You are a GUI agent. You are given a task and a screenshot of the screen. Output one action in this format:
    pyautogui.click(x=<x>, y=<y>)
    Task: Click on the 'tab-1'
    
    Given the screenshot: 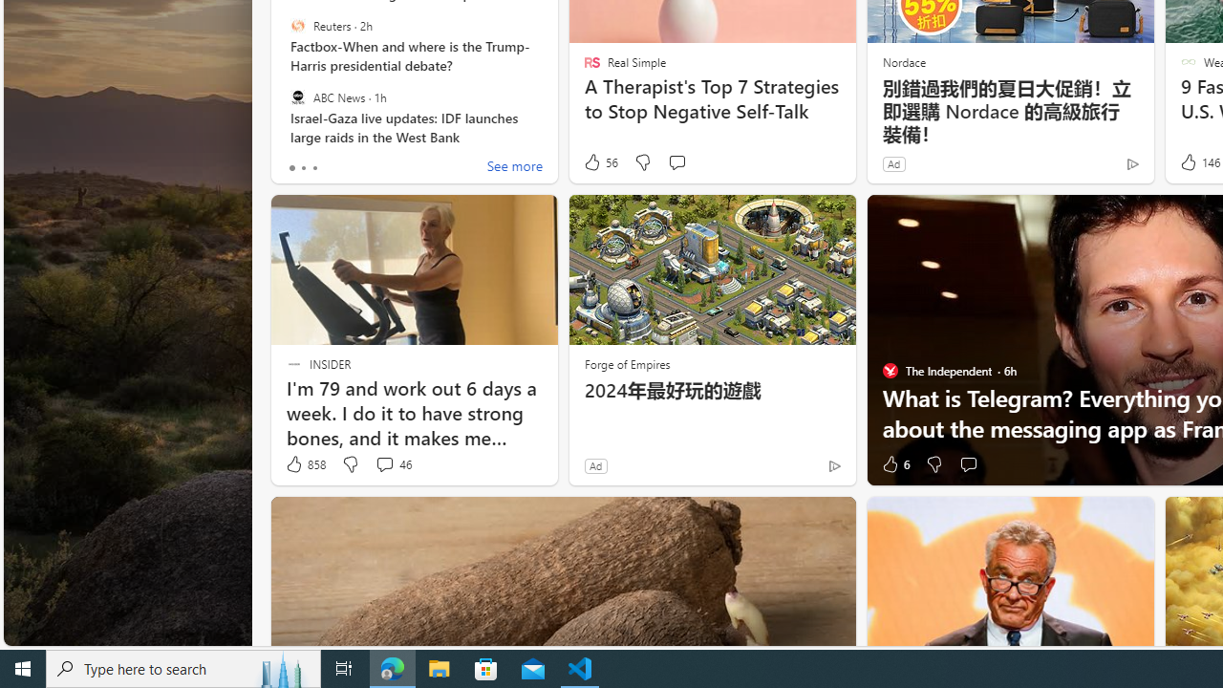 What is the action you would take?
    pyautogui.click(x=302, y=167)
    